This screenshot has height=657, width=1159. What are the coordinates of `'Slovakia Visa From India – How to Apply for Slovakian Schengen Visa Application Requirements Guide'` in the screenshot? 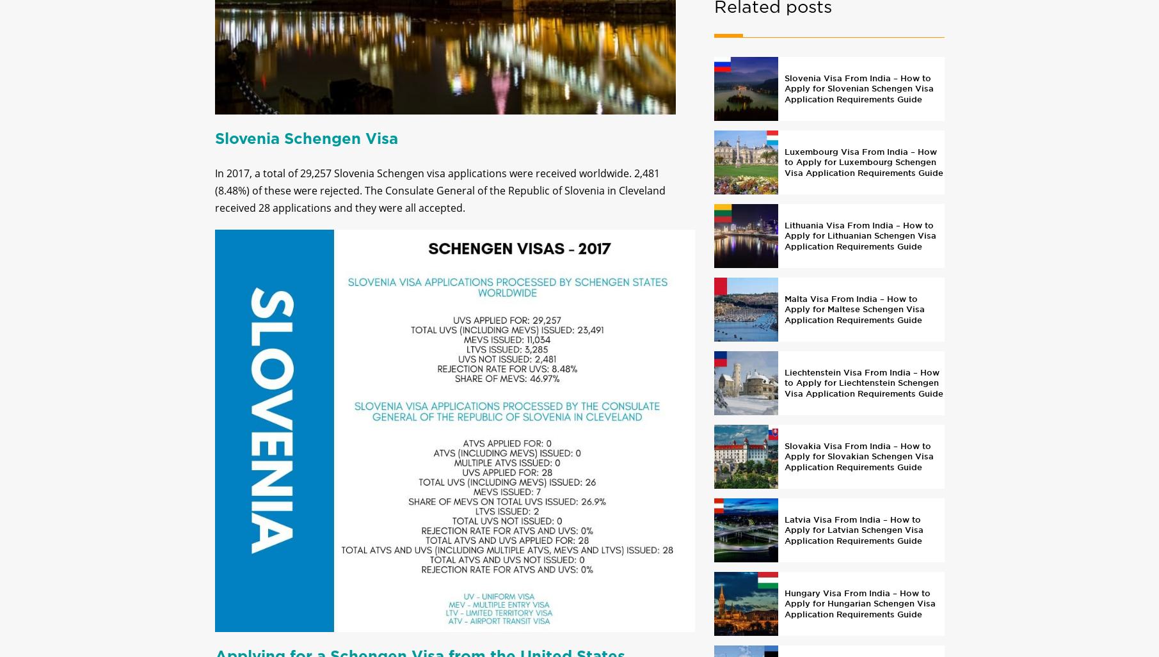 It's located at (783, 466).